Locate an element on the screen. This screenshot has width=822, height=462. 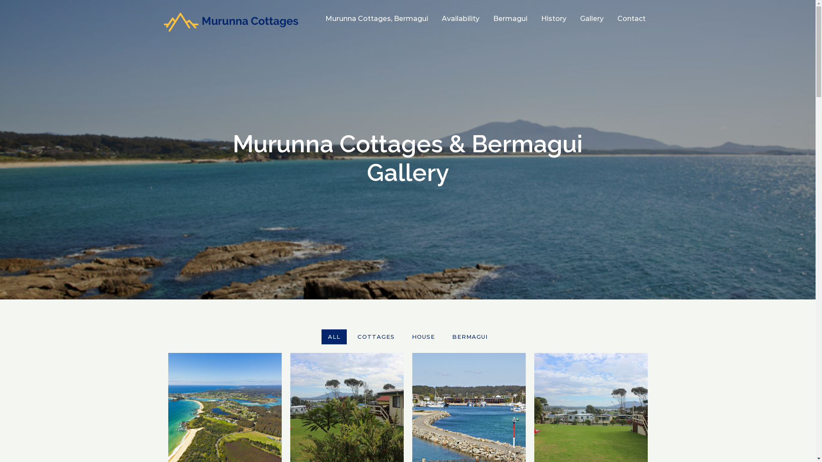
'Bermagui' is located at coordinates (510, 18).